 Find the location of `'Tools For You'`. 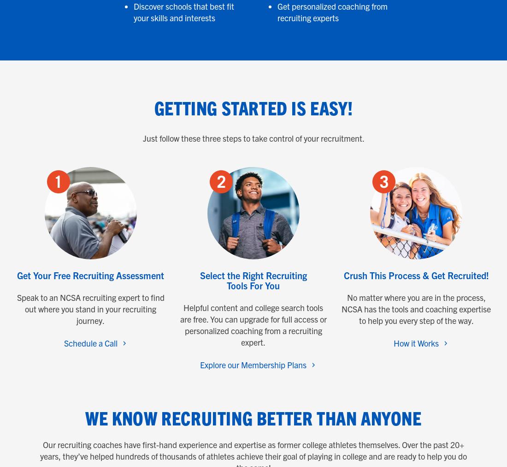

'Tools For You' is located at coordinates (227, 285).